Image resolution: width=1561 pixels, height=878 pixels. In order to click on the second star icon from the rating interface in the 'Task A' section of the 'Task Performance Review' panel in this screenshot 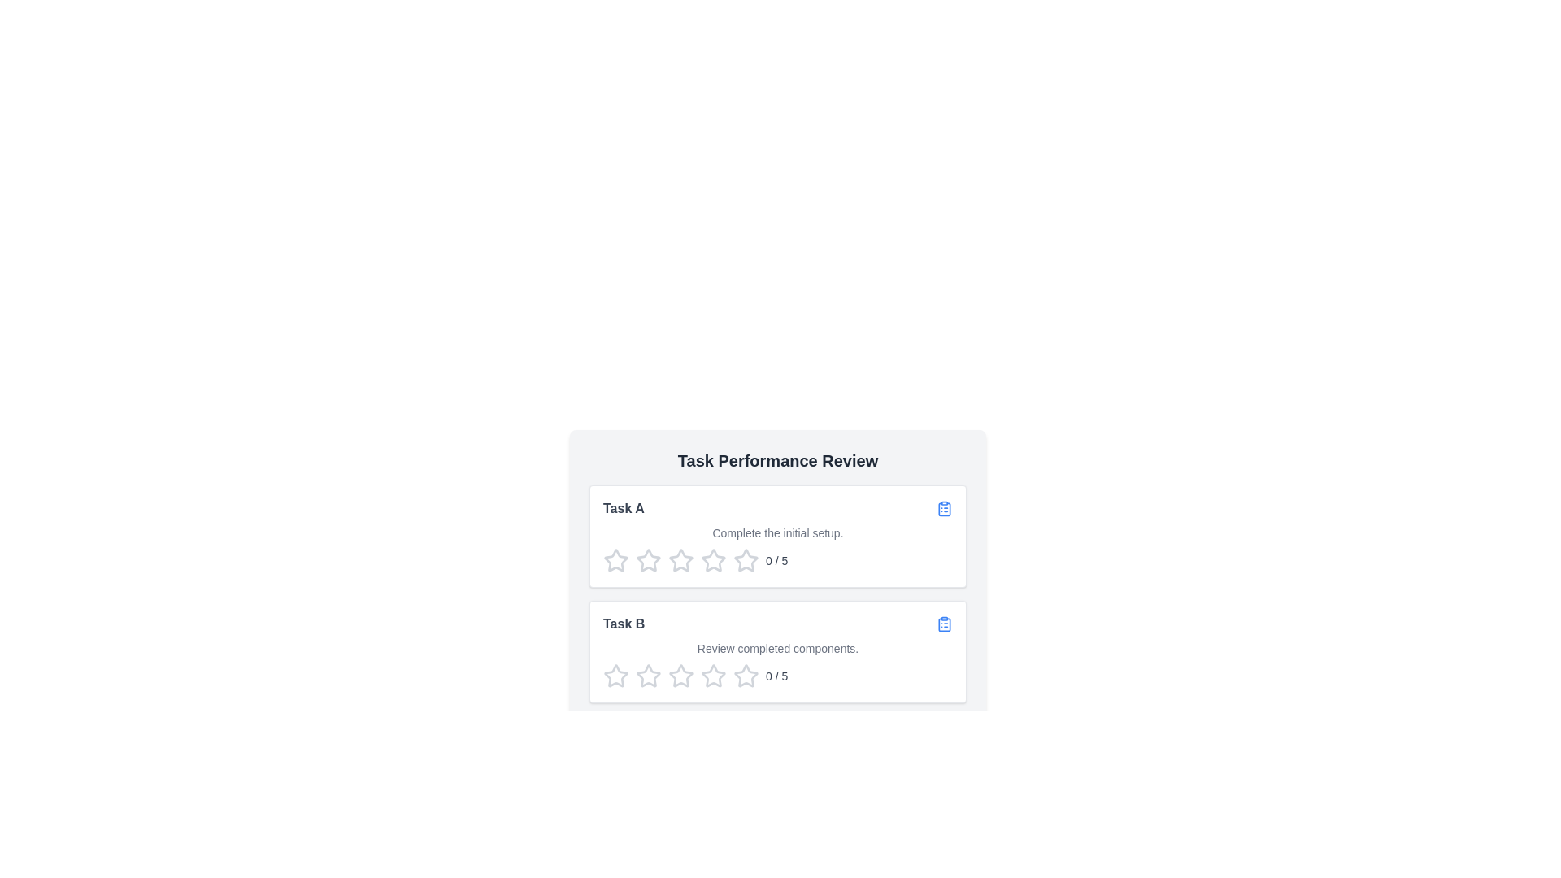, I will do `click(681, 559)`.